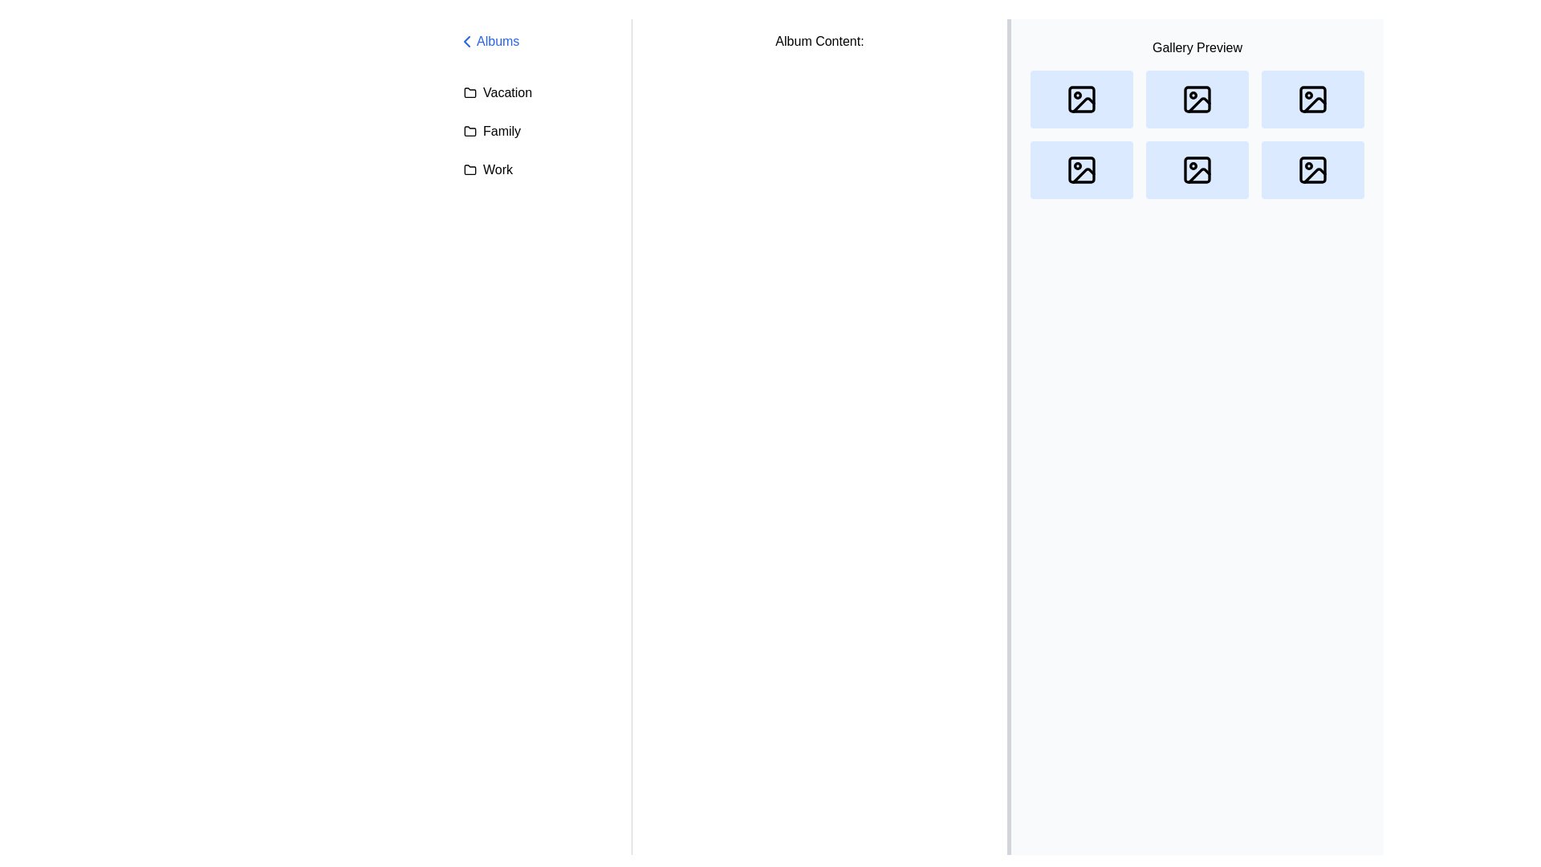 This screenshot has width=1541, height=867. Describe the element at coordinates (1313, 170) in the screenshot. I see `the decorative image placeholder located at the bottom-right corner of the 3x2 grid layout under the 'Gallery Preview' title, which is the sixth item in the grid` at that location.